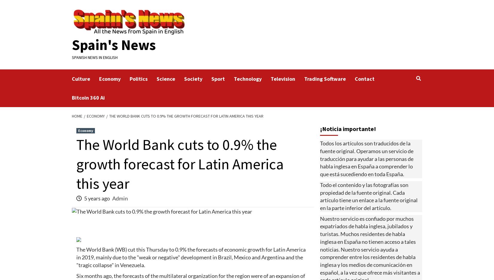 The image size is (494, 280). Describe the element at coordinates (348, 129) in the screenshot. I see `'¡Noticia importante!'` at that location.